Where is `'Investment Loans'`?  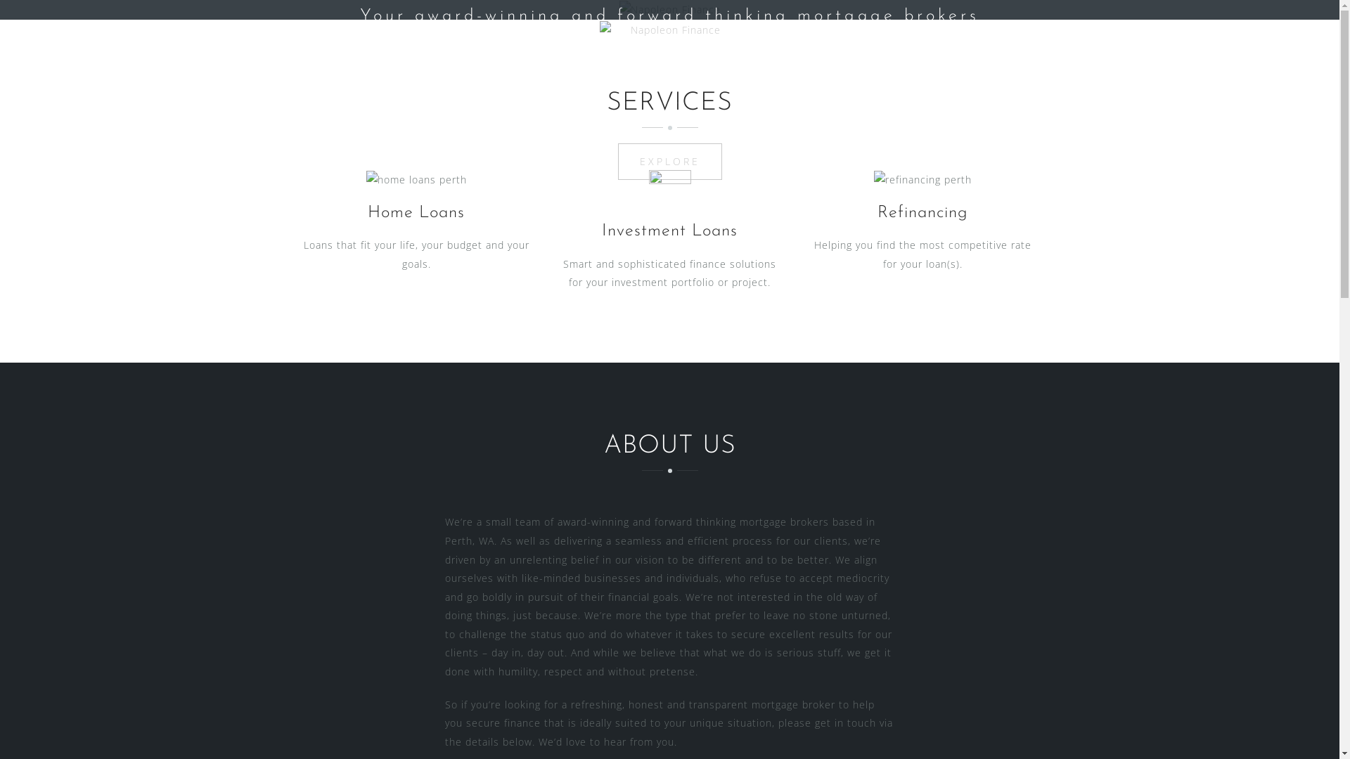 'Investment Loans' is located at coordinates (669, 230).